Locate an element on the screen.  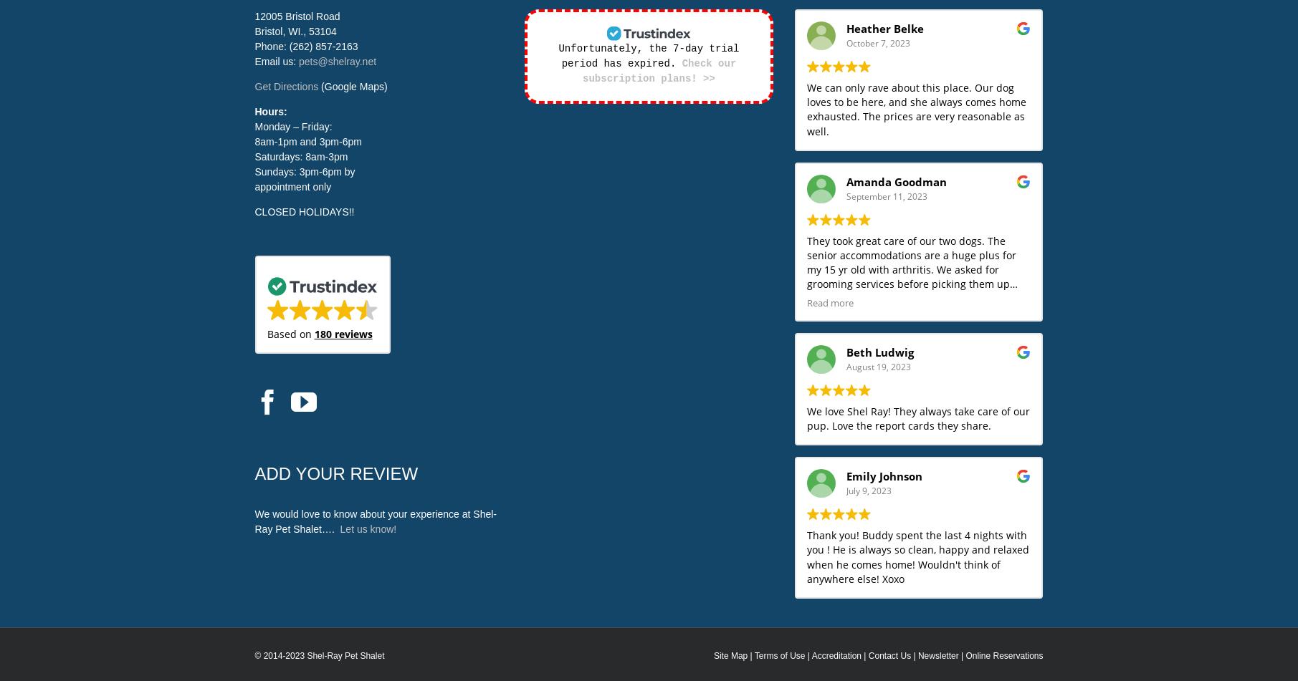
'August 19, 2023' is located at coordinates (877, 366).